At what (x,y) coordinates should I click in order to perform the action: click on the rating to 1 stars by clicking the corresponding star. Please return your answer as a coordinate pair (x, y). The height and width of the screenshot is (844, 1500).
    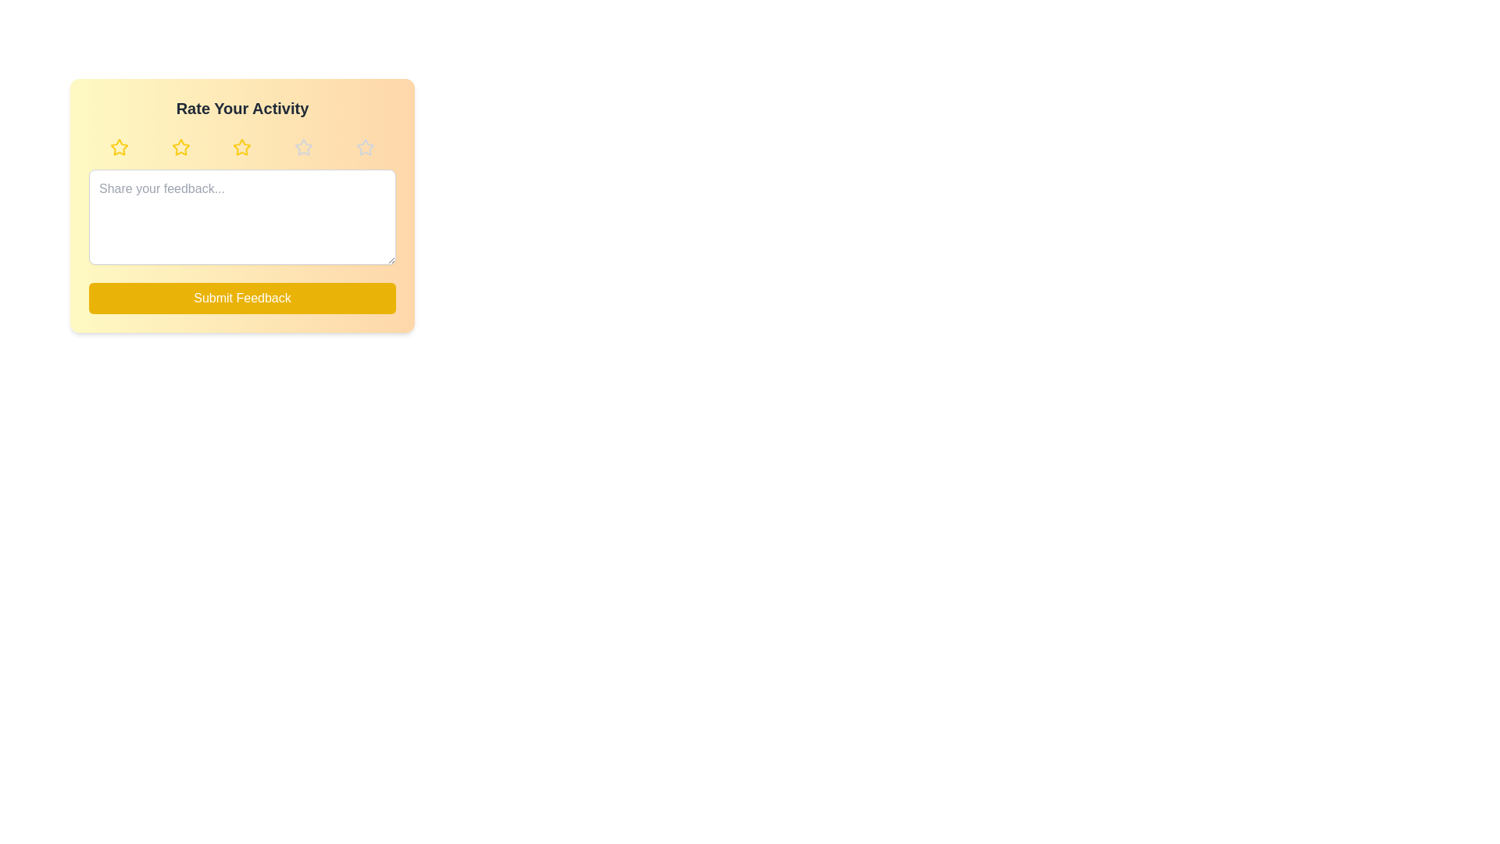
    Looking at the image, I should click on (119, 148).